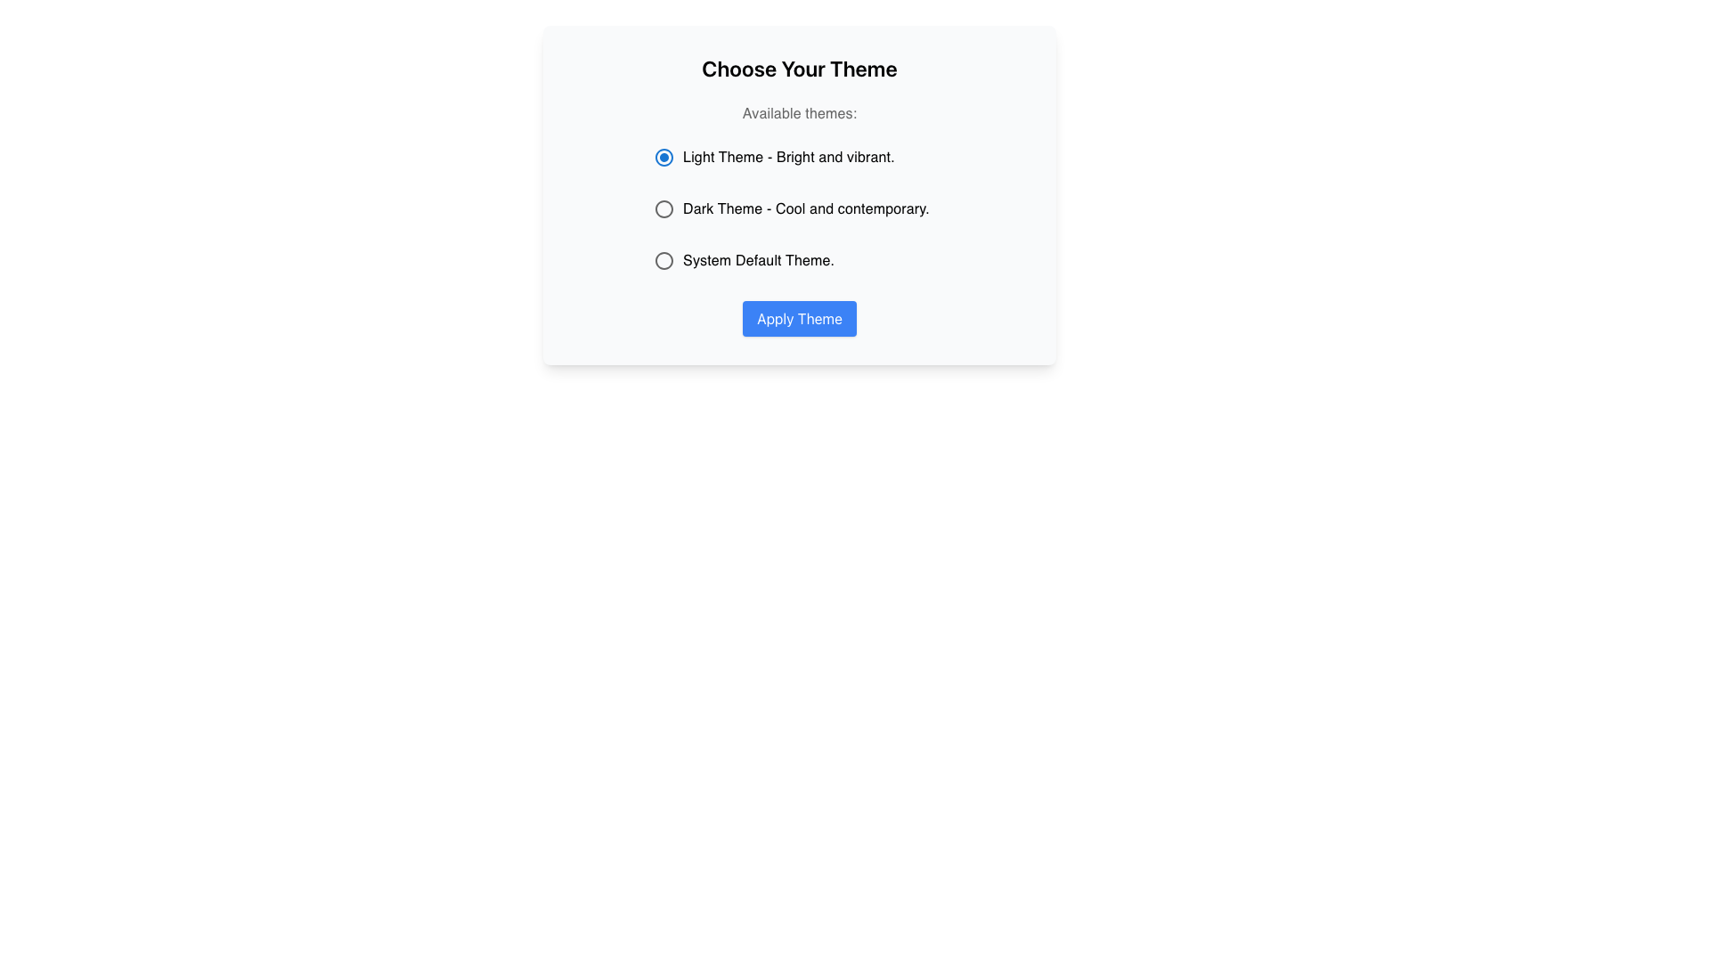  Describe the element at coordinates (664, 261) in the screenshot. I see `the radio button for the 'System Default Theme' option, which is the third option in a vertically stacked list of radio buttons` at that location.